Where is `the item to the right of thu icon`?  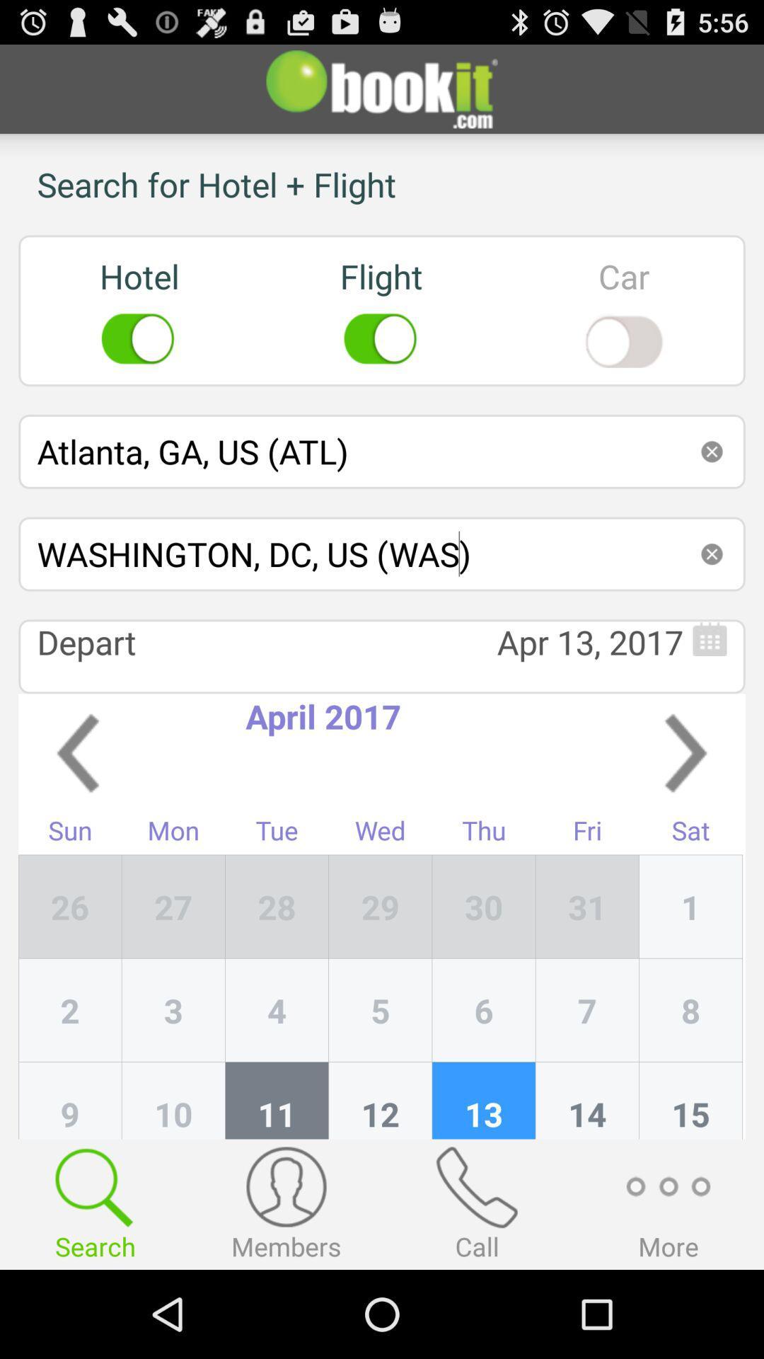
the item to the right of thu icon is located at coordinates (587, 907).